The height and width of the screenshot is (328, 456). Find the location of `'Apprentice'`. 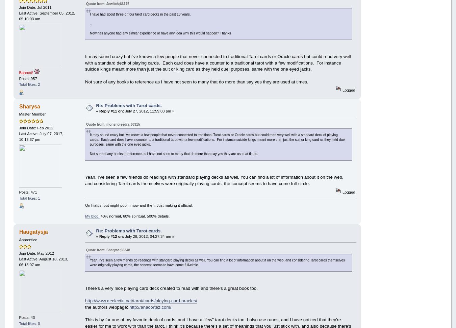

'Apprentice' is located at coordinates (28, 239).